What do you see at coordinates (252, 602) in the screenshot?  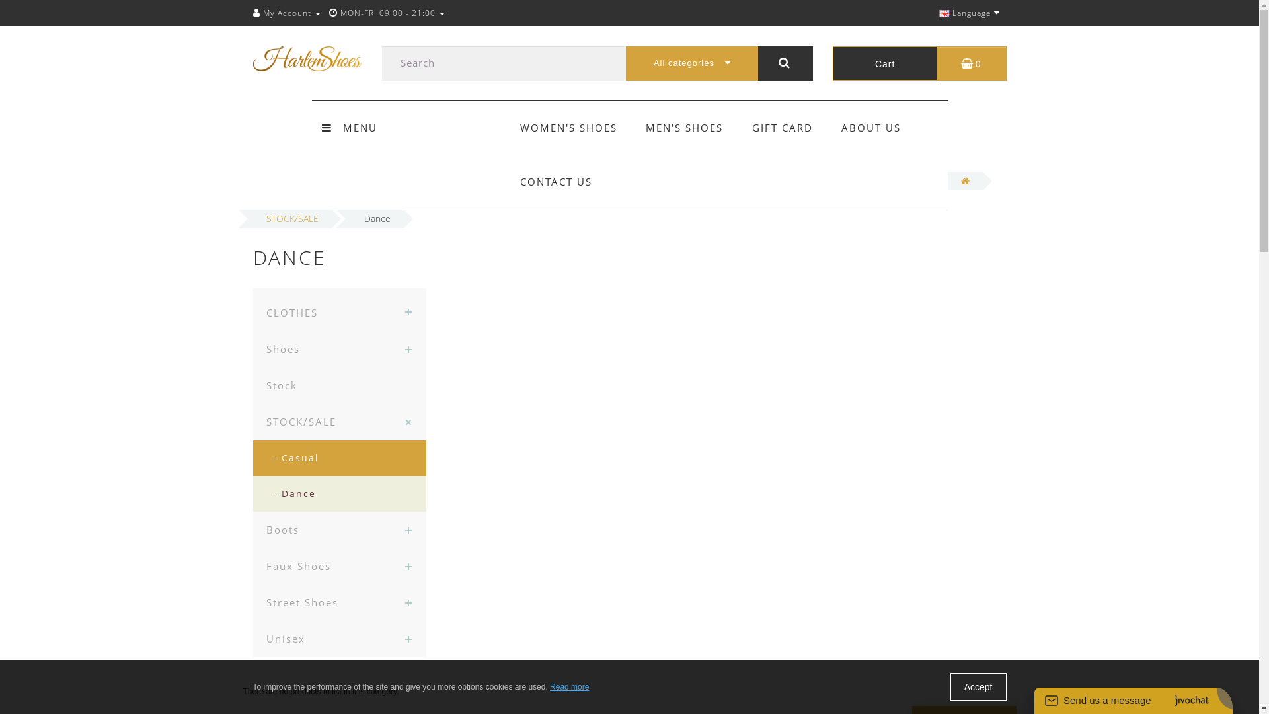 I see `'Street Shoes'` at bounding box center [252, 602].